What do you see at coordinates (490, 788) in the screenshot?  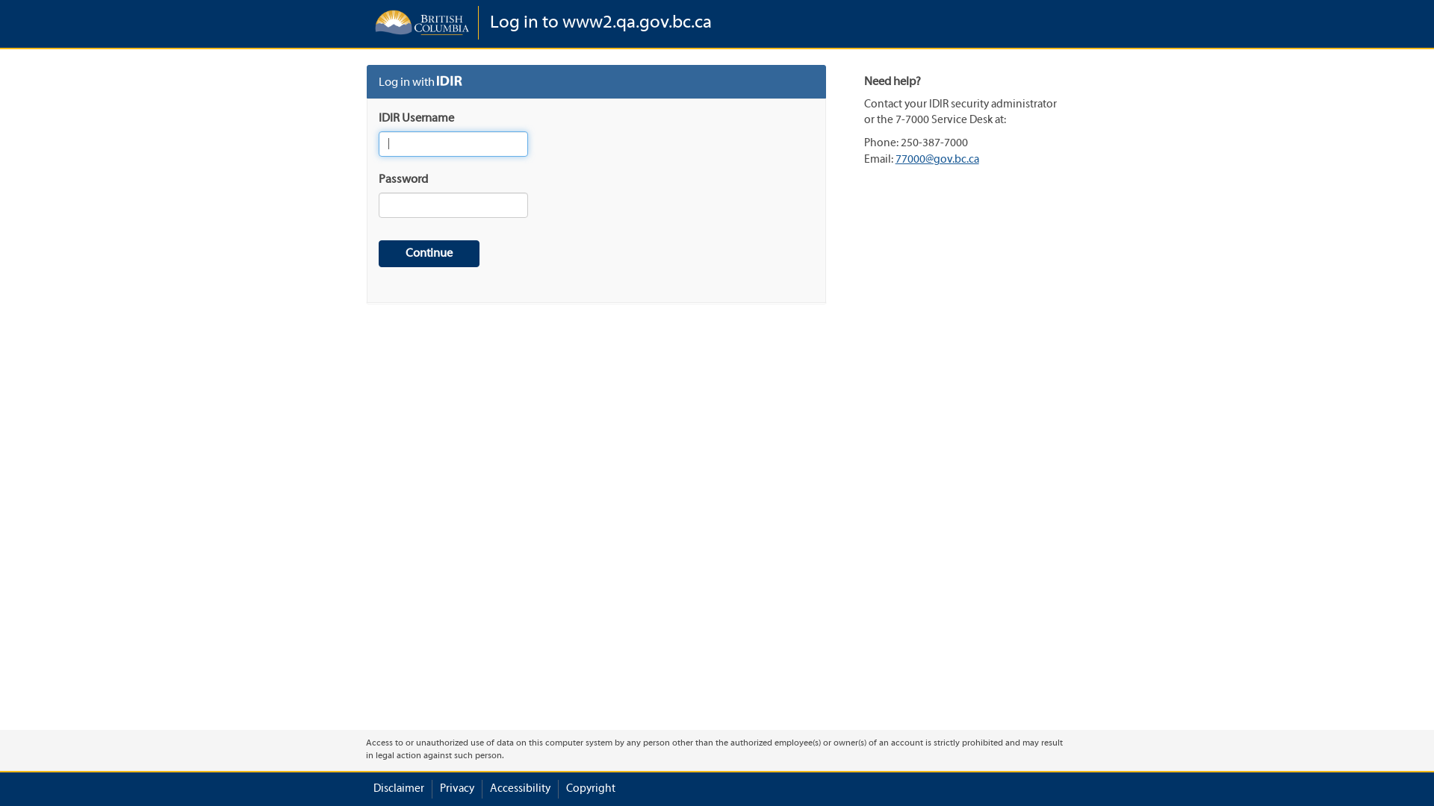 I see `'Accessibility'` at bounding box center [490, 788].